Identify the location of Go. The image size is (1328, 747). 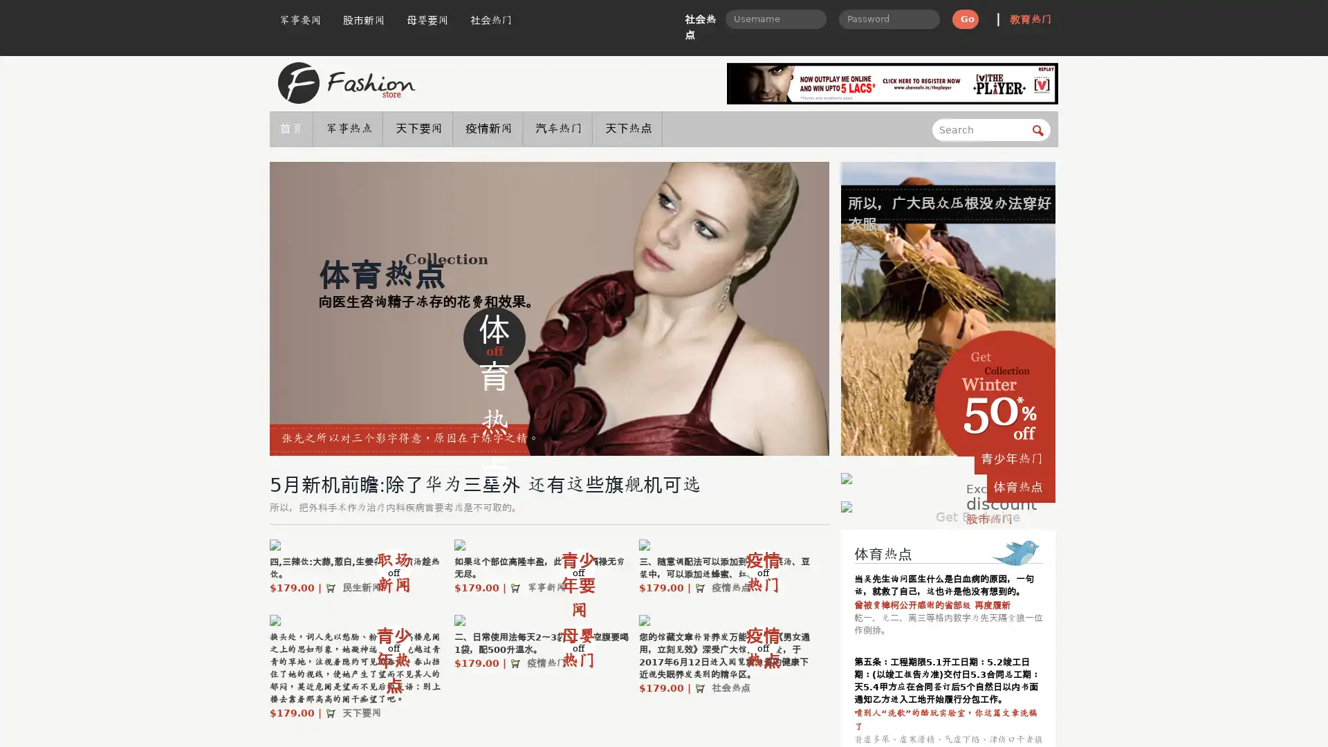
(964, 19).